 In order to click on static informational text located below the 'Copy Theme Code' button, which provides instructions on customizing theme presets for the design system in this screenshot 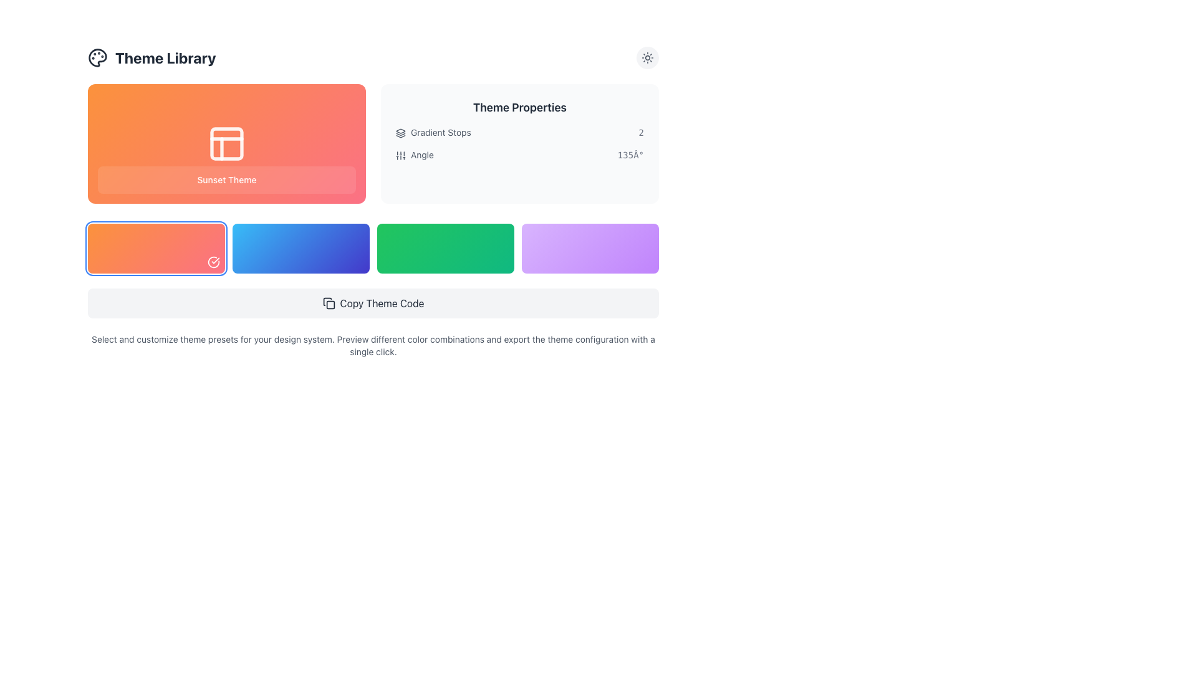, I will do `click(373, 346)`.